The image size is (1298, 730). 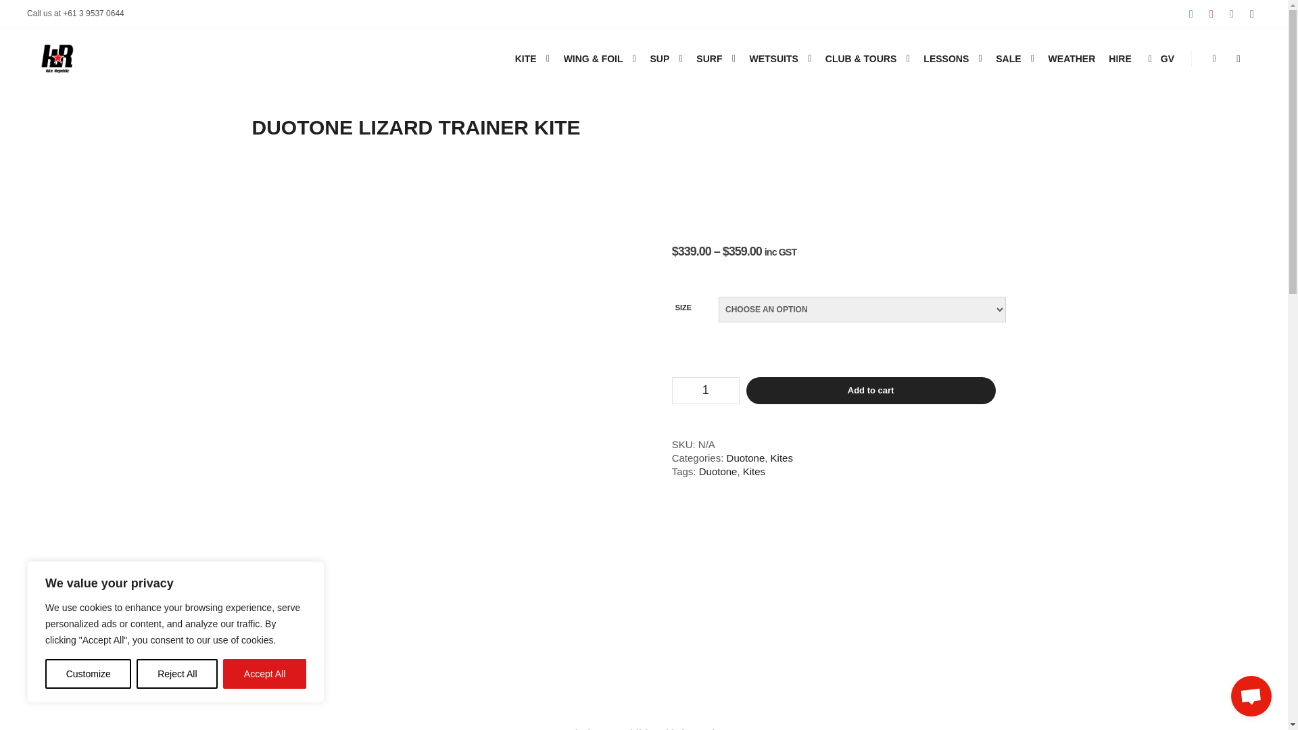 What do you see at coordinates (87, 673) in the screenshot?
I see `'Customize'` at bounding box center [87, 673].